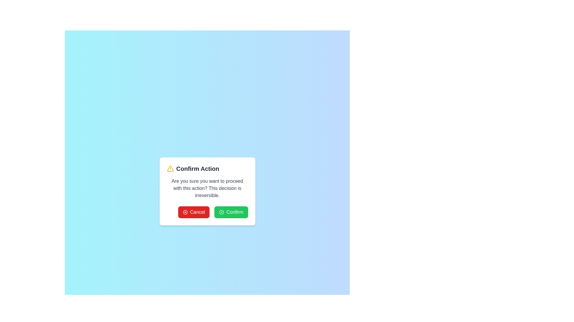 This screenshot has height=322, width=574. I want to click on the rectangular green 'Confirm' button with rounded corners and a check icon, so click(231, 212).